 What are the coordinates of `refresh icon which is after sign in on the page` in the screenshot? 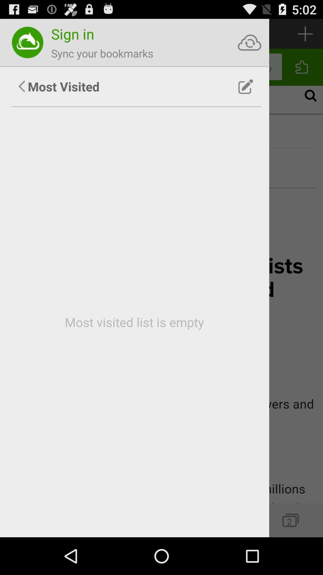 It's located at (249, 42).